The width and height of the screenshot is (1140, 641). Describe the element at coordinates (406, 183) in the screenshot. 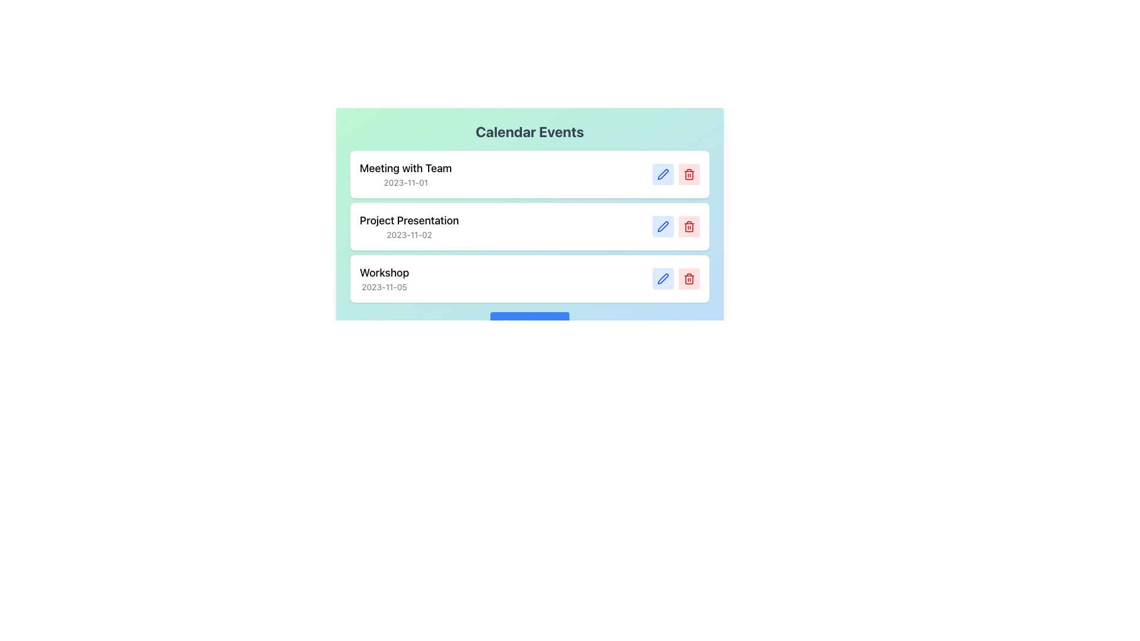

I see `the text label displaying the date '2023-11-01', which is located below the 'Meeting with Team' heading in a card` at that location.